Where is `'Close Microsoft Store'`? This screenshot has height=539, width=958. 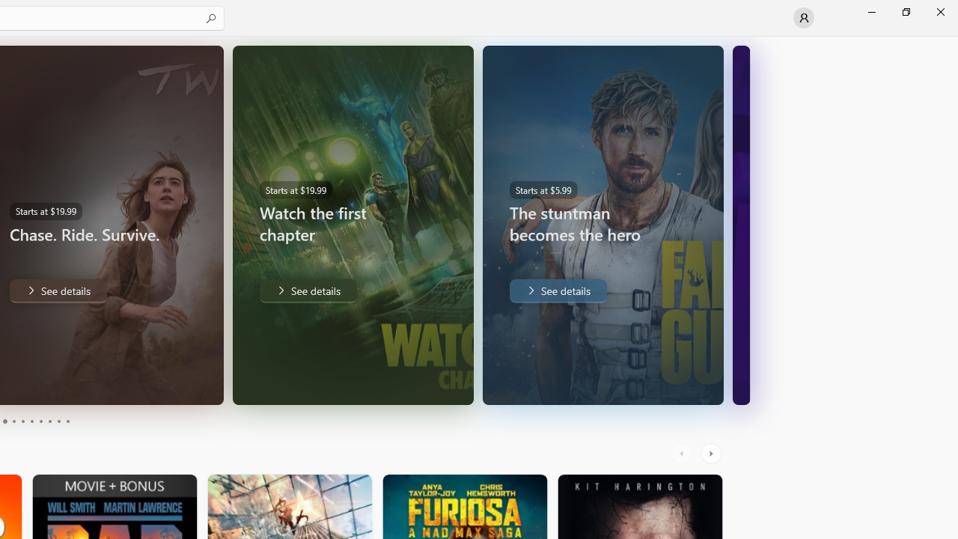
'Close Microsoft Store' is located at coordinates (939, 11).